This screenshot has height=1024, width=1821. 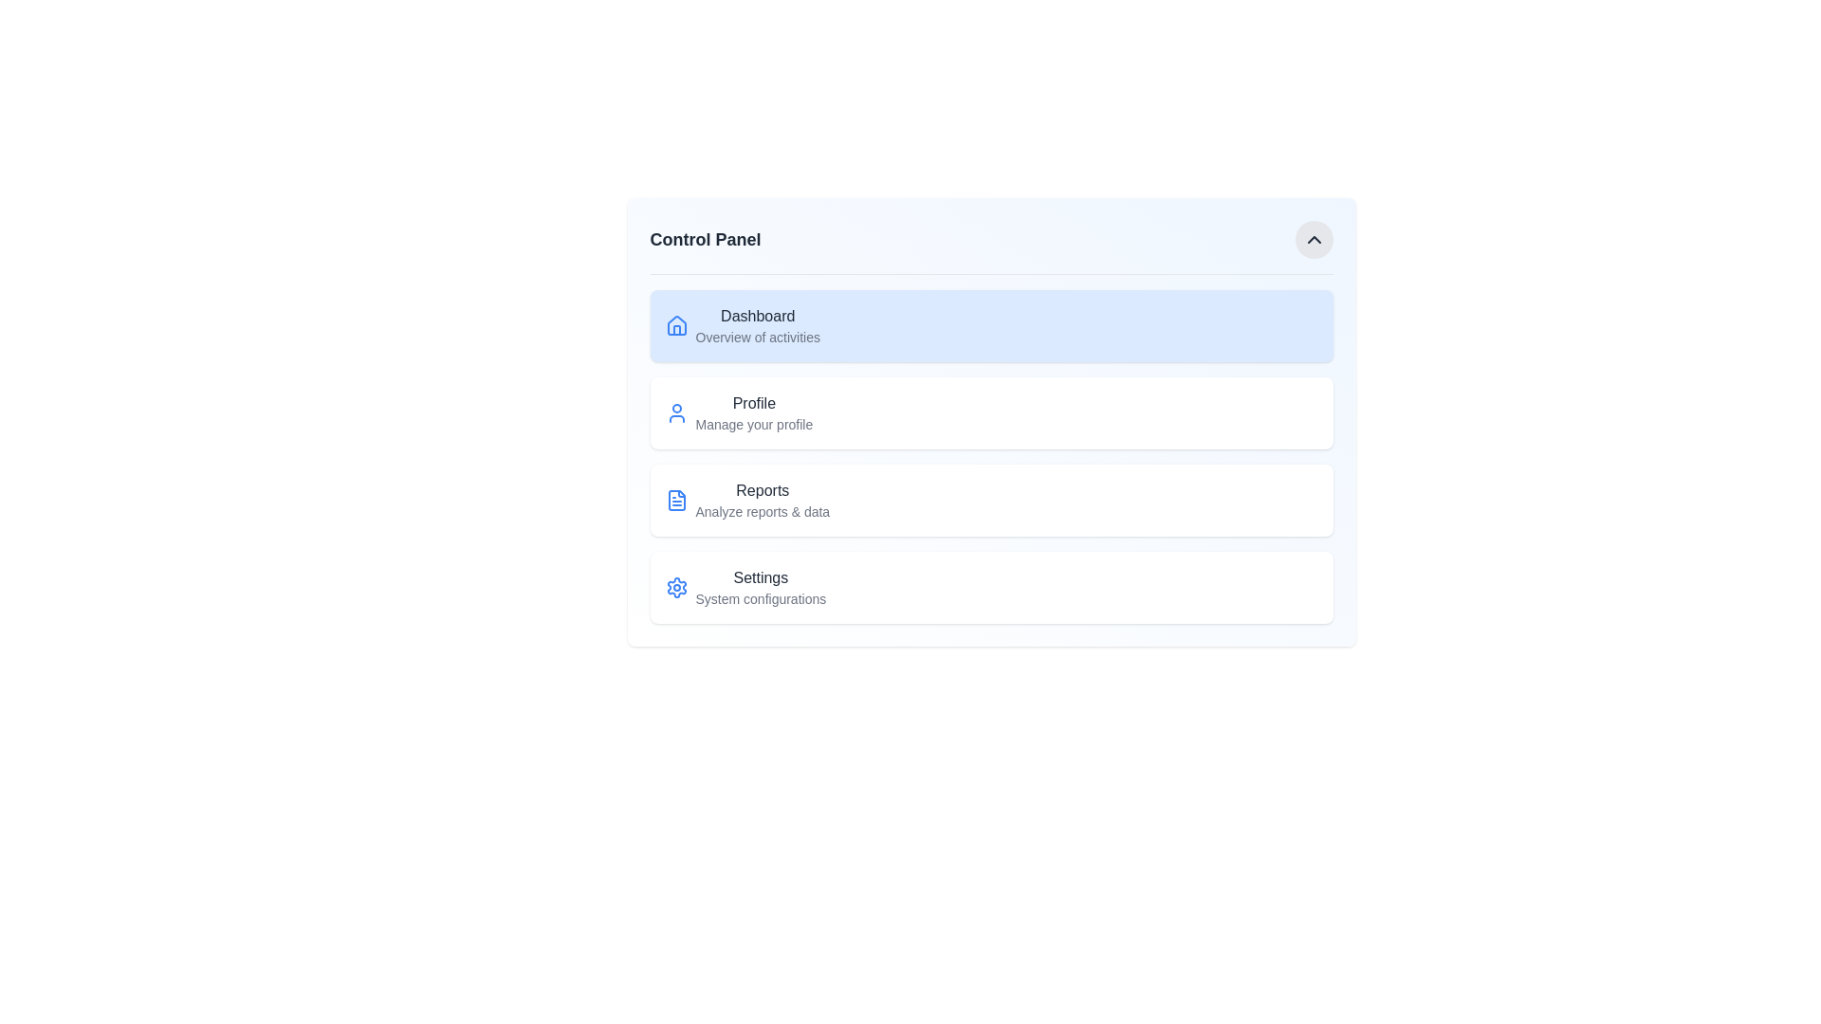 I want to click on the 'Overview of activities' text label, so click(x=757, y=336).